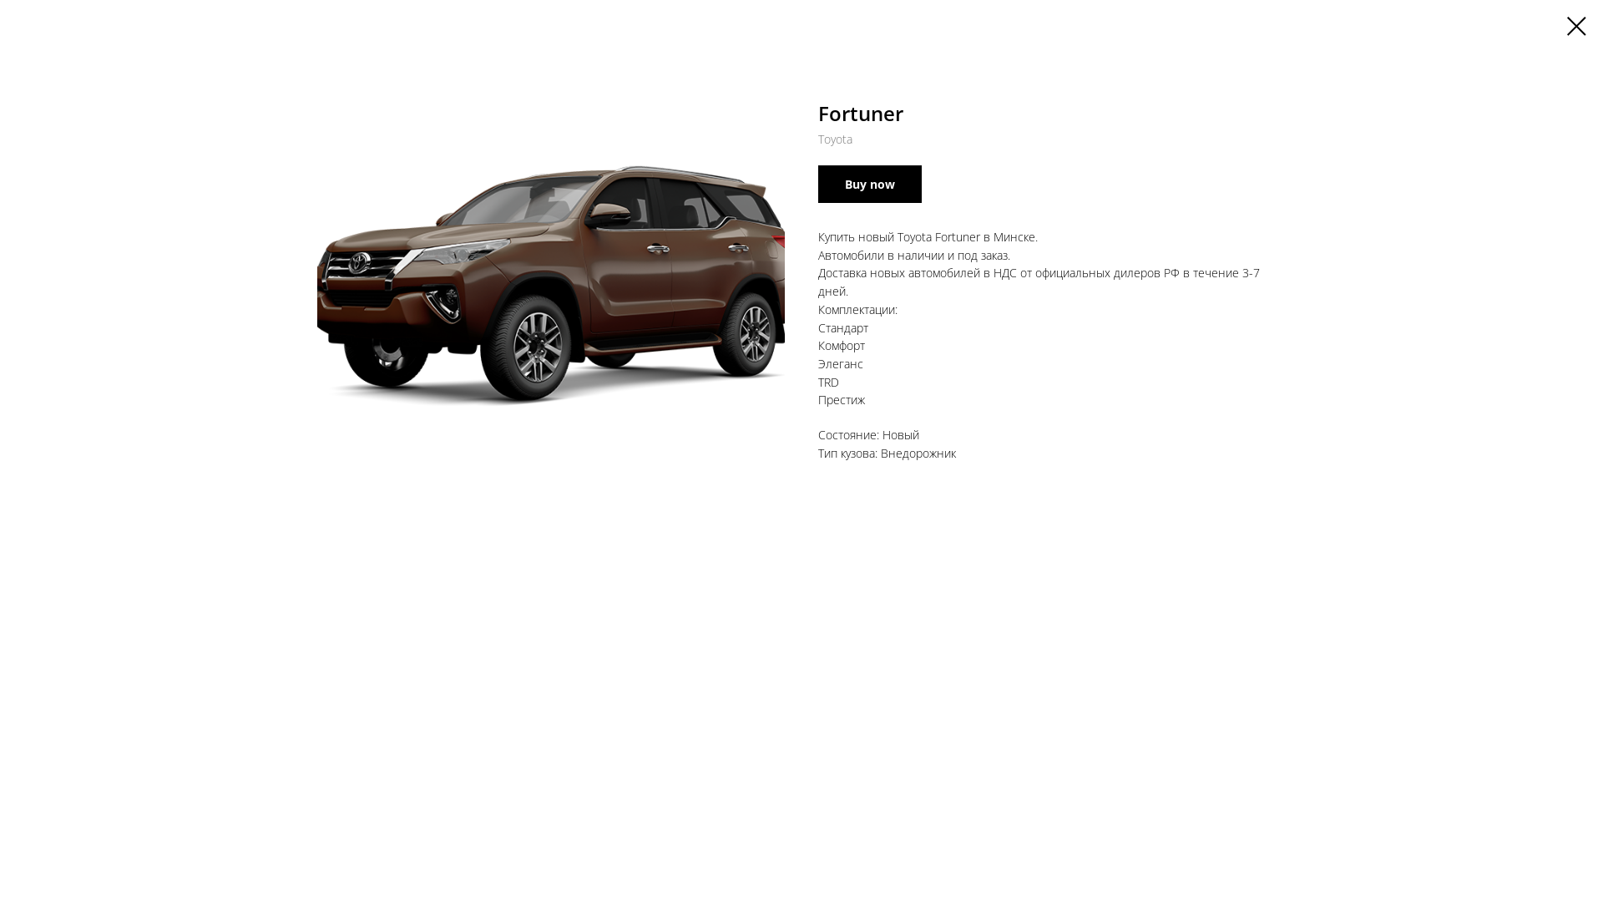  Describe the element at coordinates (868, 184) in the screenshot. I see `'Buy now'` at that location.